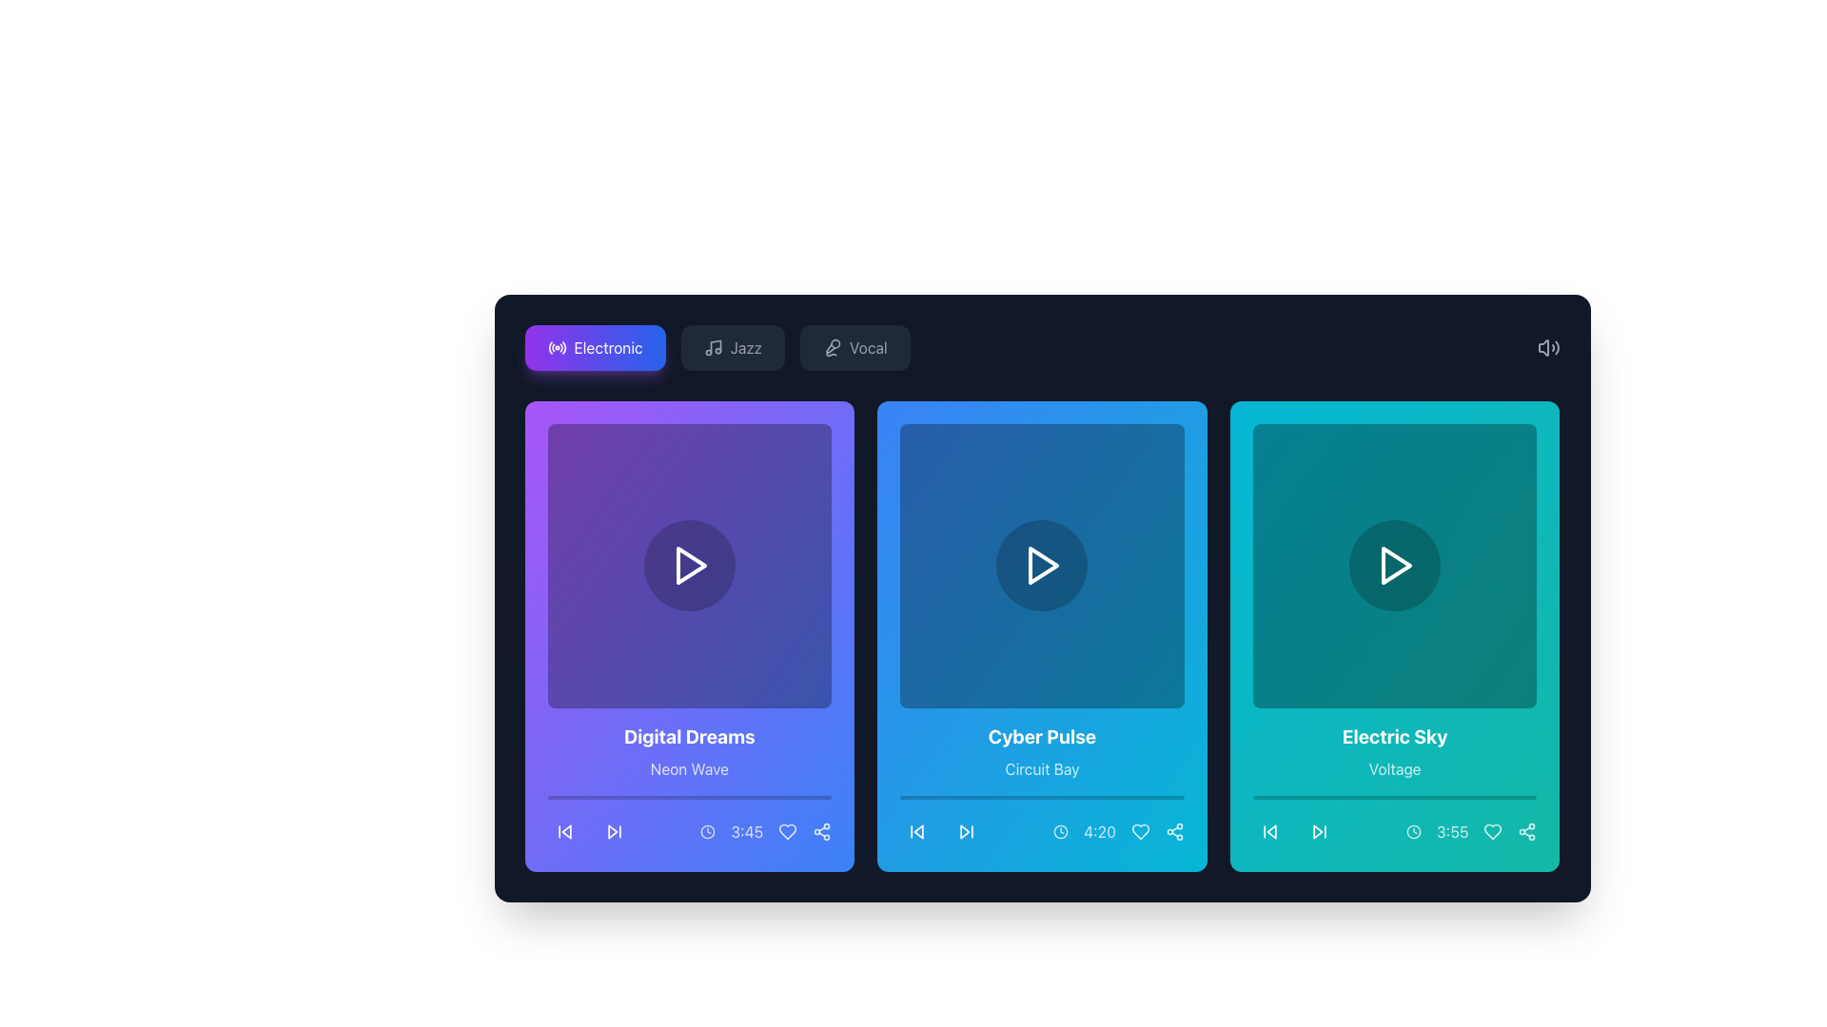 This screenshot has height=1027, width=1827. Describe the element at coordinates (1140, 830) in the screenshot. I see `the heart-shaped icon to like or mark the song 'Cyber Pulse' by 'Circuit Bay' as a favorite` at that location.